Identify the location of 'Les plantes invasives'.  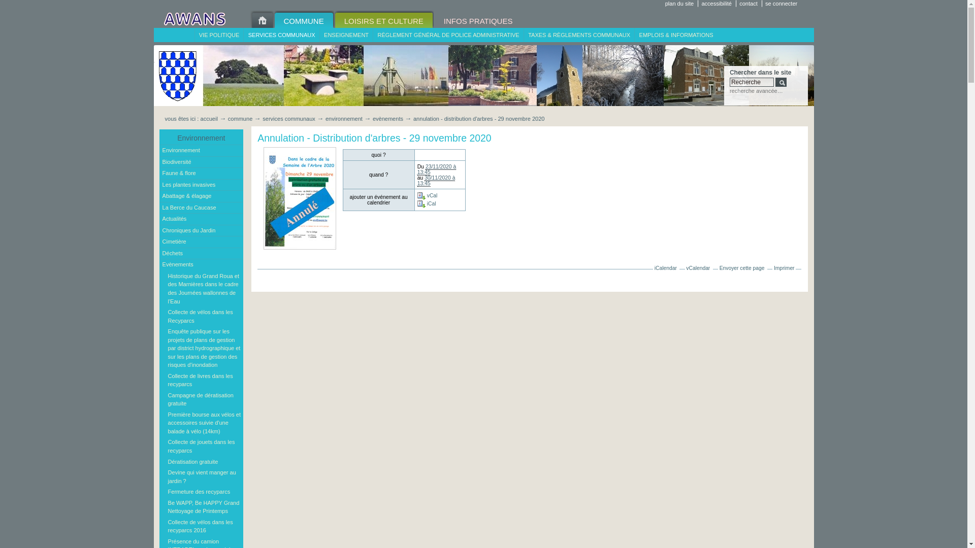
(202, 185).